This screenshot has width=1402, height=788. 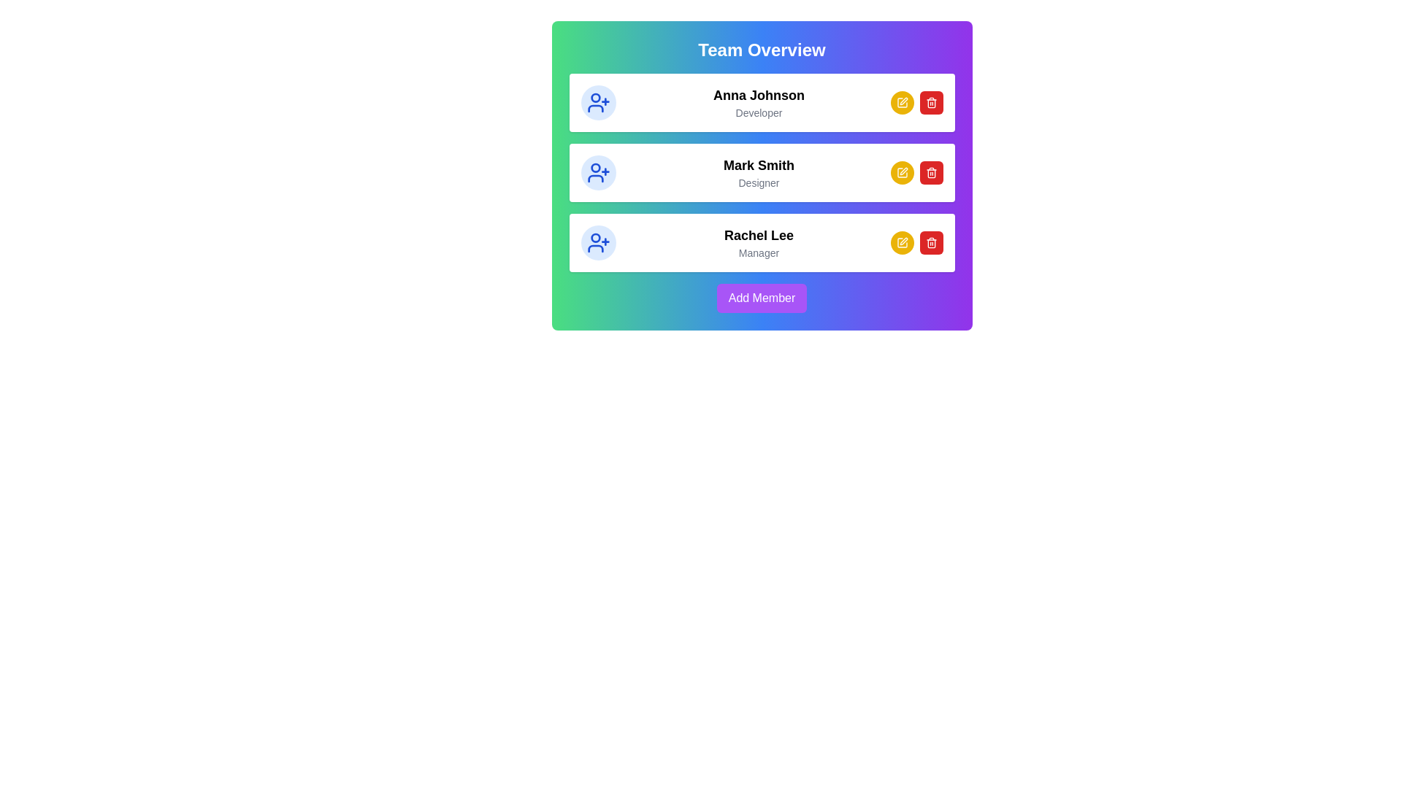 What do you see at coordinates (761, 297) in the screenshot?
I see `the 'Add Member' button, which is a prominently styled button with a purple background and white text located at the bottom of the 'Team Overview' section` at bounding box center [761, 297].